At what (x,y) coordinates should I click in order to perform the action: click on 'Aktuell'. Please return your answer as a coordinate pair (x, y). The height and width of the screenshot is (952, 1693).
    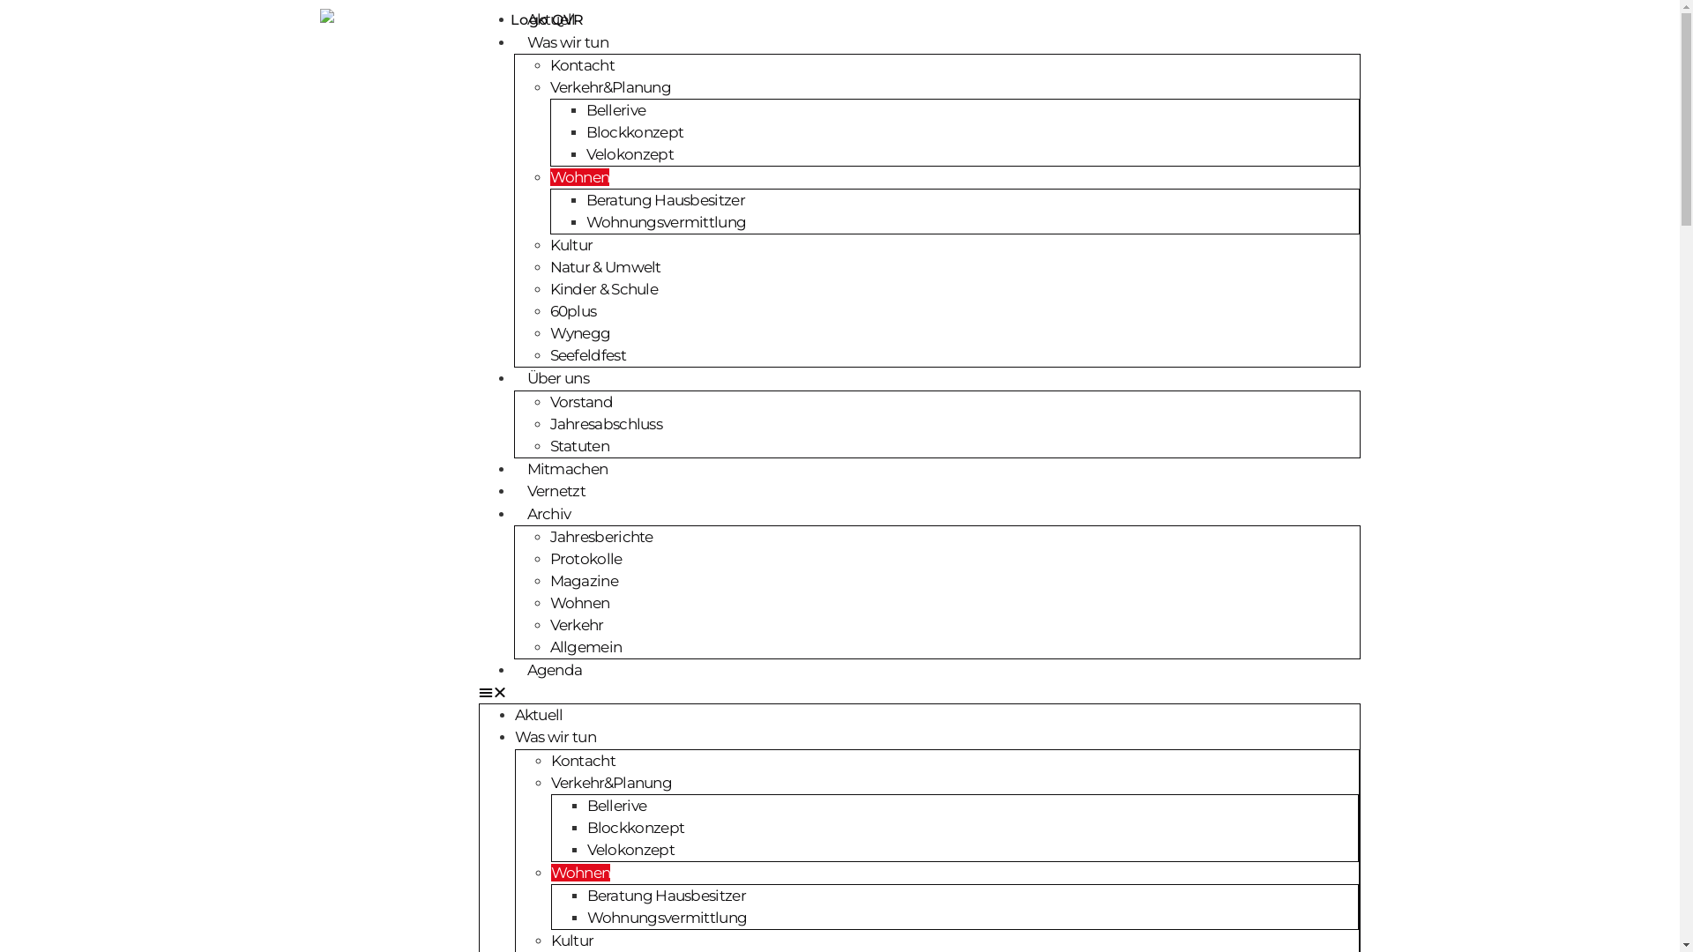
    Looking at the image, I should click on (549, 19).